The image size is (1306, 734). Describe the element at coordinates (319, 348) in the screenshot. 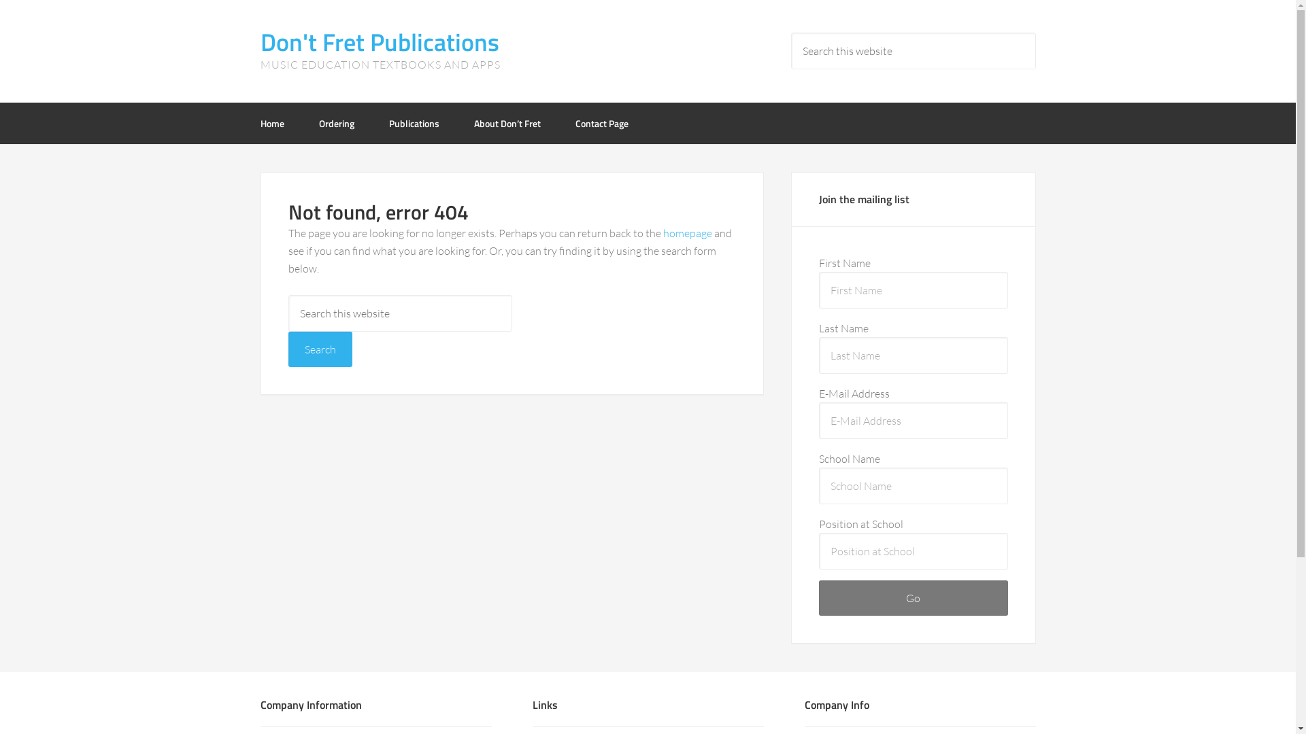

I see `'Search'` at that location.